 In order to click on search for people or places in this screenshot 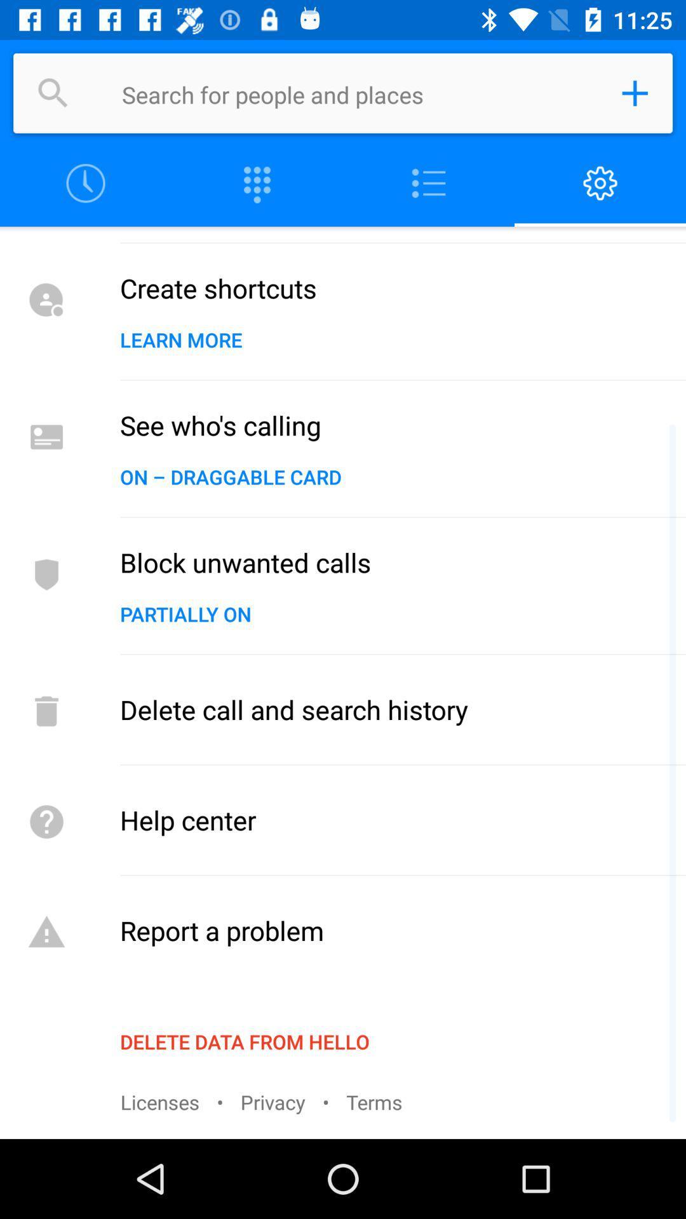, I will do `click(53, 93)`.